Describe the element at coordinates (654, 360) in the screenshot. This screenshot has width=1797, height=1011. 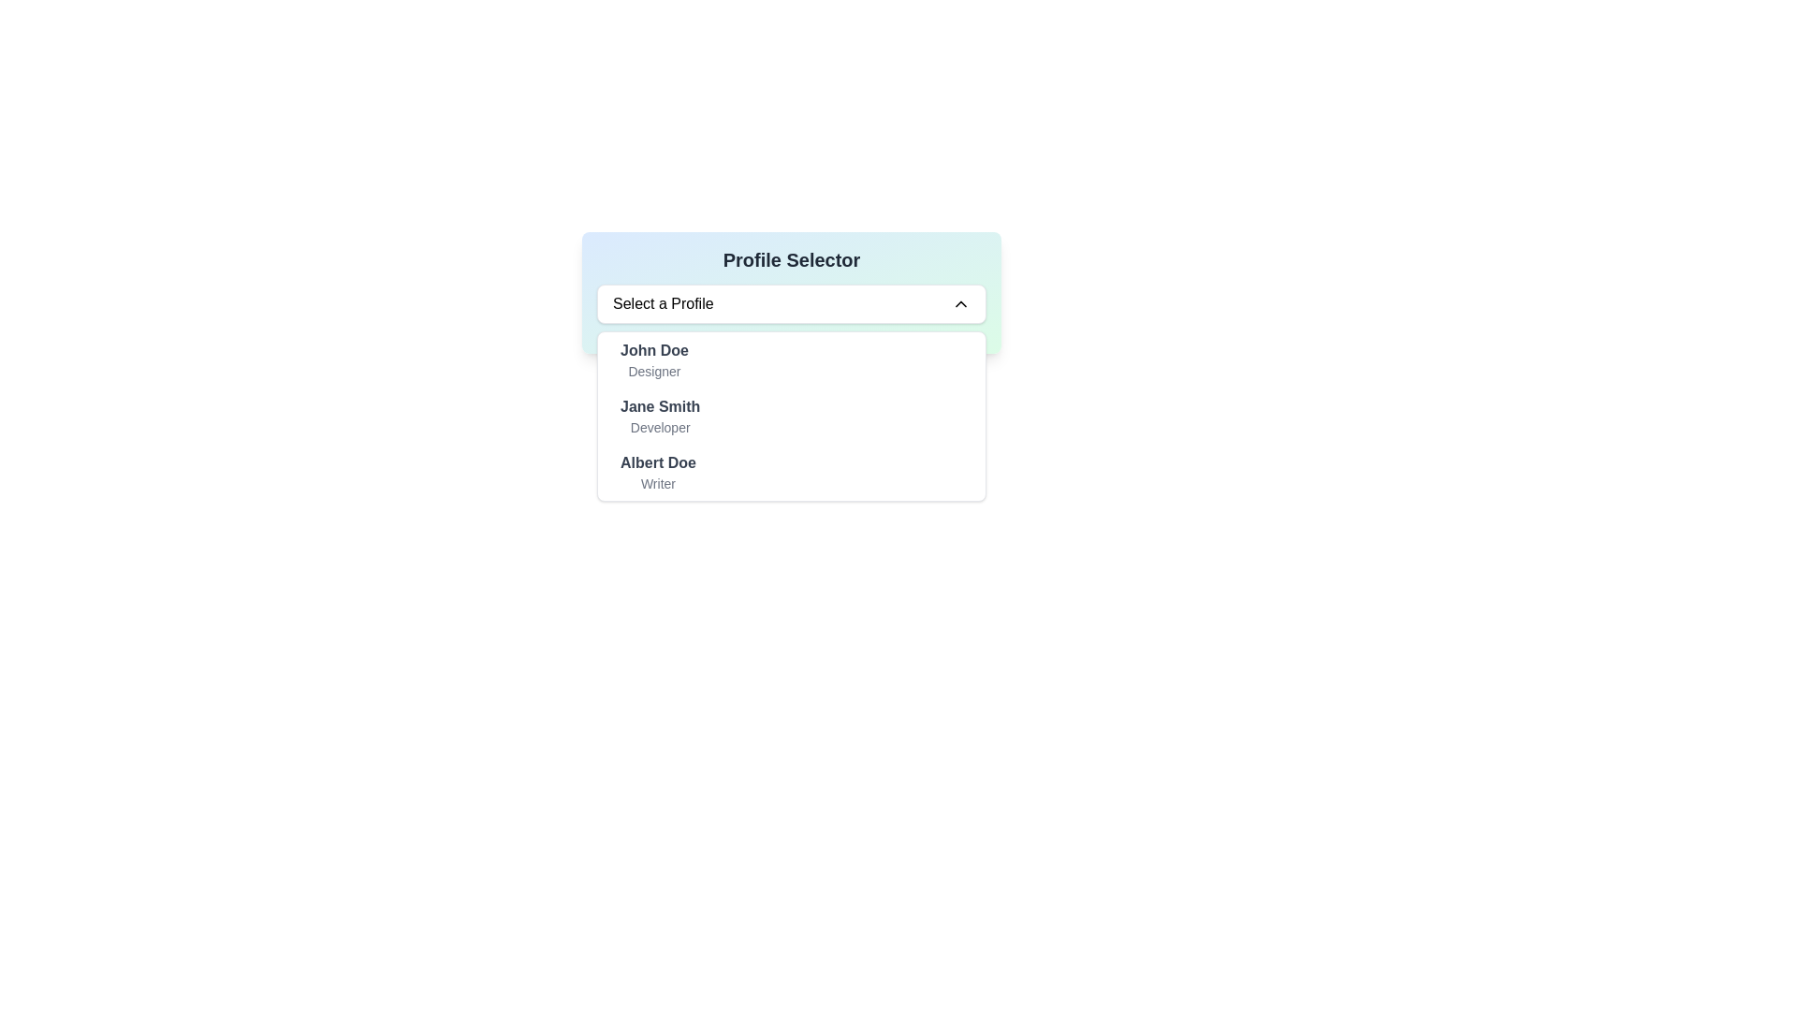
I see `the text label representing the user profile selection option 'John Doe - Designer'` at that location.